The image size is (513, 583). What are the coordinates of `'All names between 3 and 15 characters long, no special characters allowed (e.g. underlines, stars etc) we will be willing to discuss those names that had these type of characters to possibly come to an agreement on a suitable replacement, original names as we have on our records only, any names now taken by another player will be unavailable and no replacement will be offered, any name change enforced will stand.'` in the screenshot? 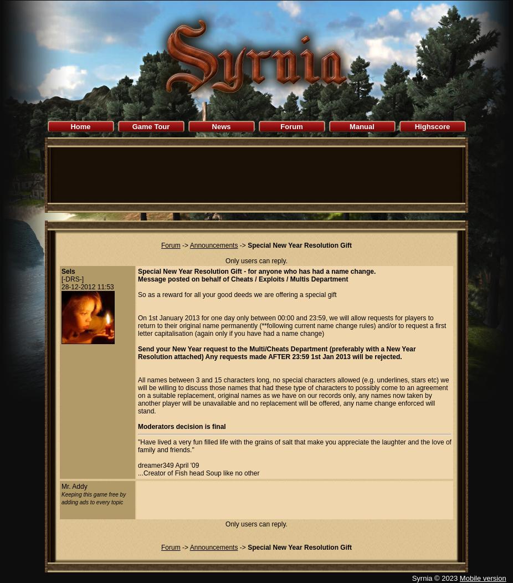 It's located at (293, 395).